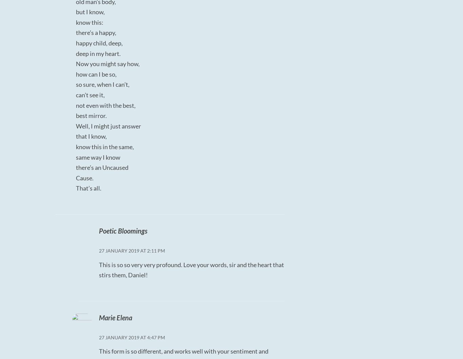  Describe the element at coordinates (96, 33) in the screenshot. I see `'there’s a happy,'` at that location.